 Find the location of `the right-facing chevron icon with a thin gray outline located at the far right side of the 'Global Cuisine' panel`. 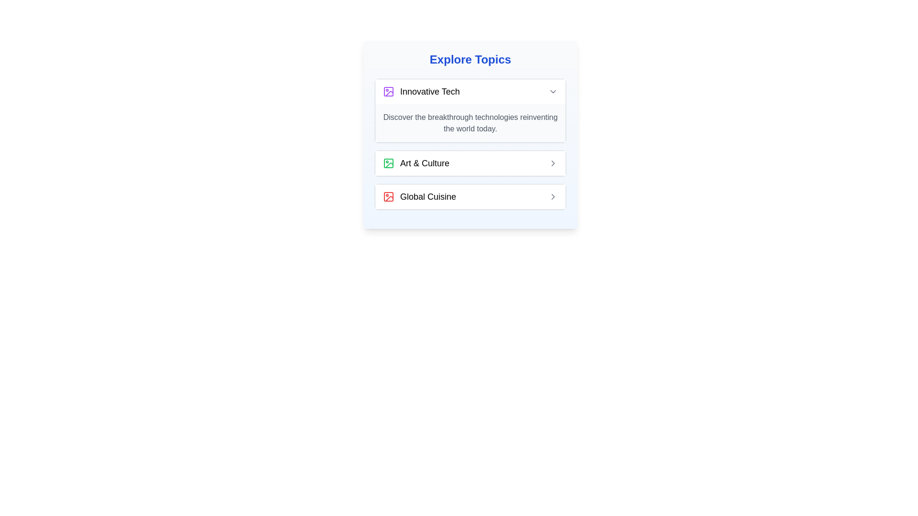

the right-facing chevron icon with a thin gray outline located at the far right side of the 'Global Cuisine' panel is located at coordinates (553, 196).